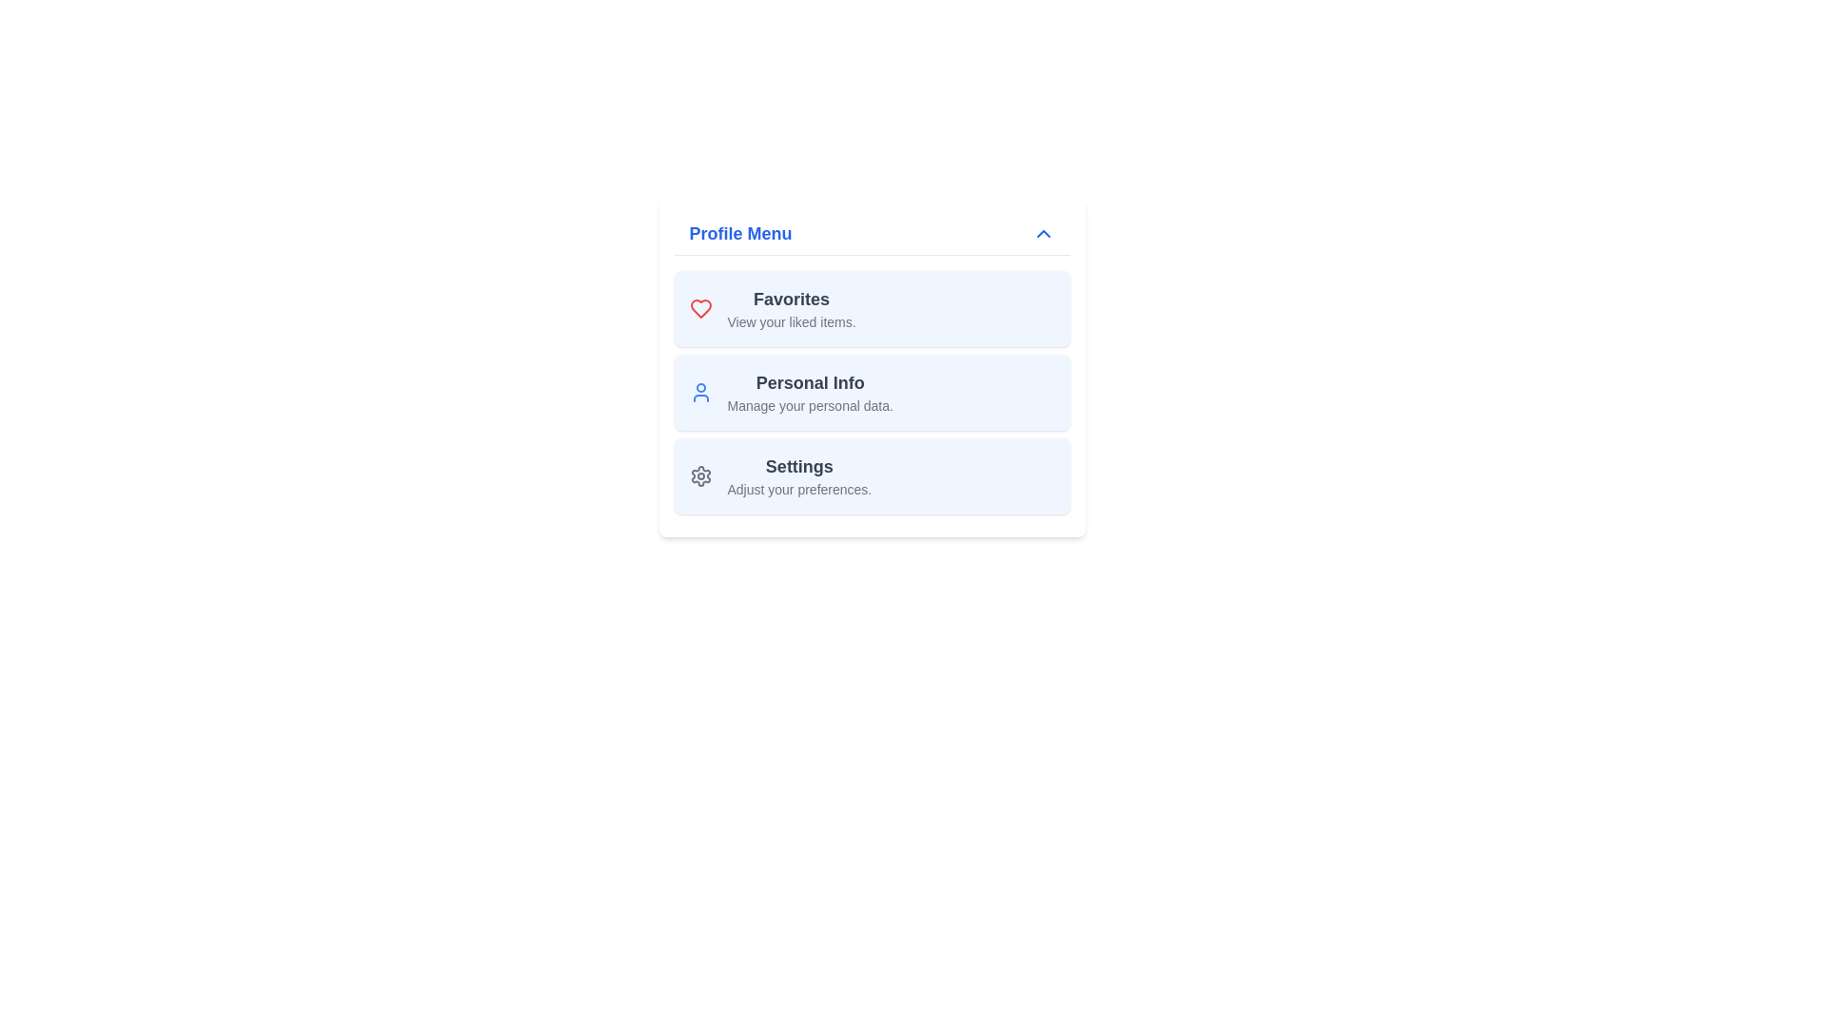  I want to click on text content of the 'Favorites' label in the profile menu, which indicates the section for viewing liked items, so click(792, 300).